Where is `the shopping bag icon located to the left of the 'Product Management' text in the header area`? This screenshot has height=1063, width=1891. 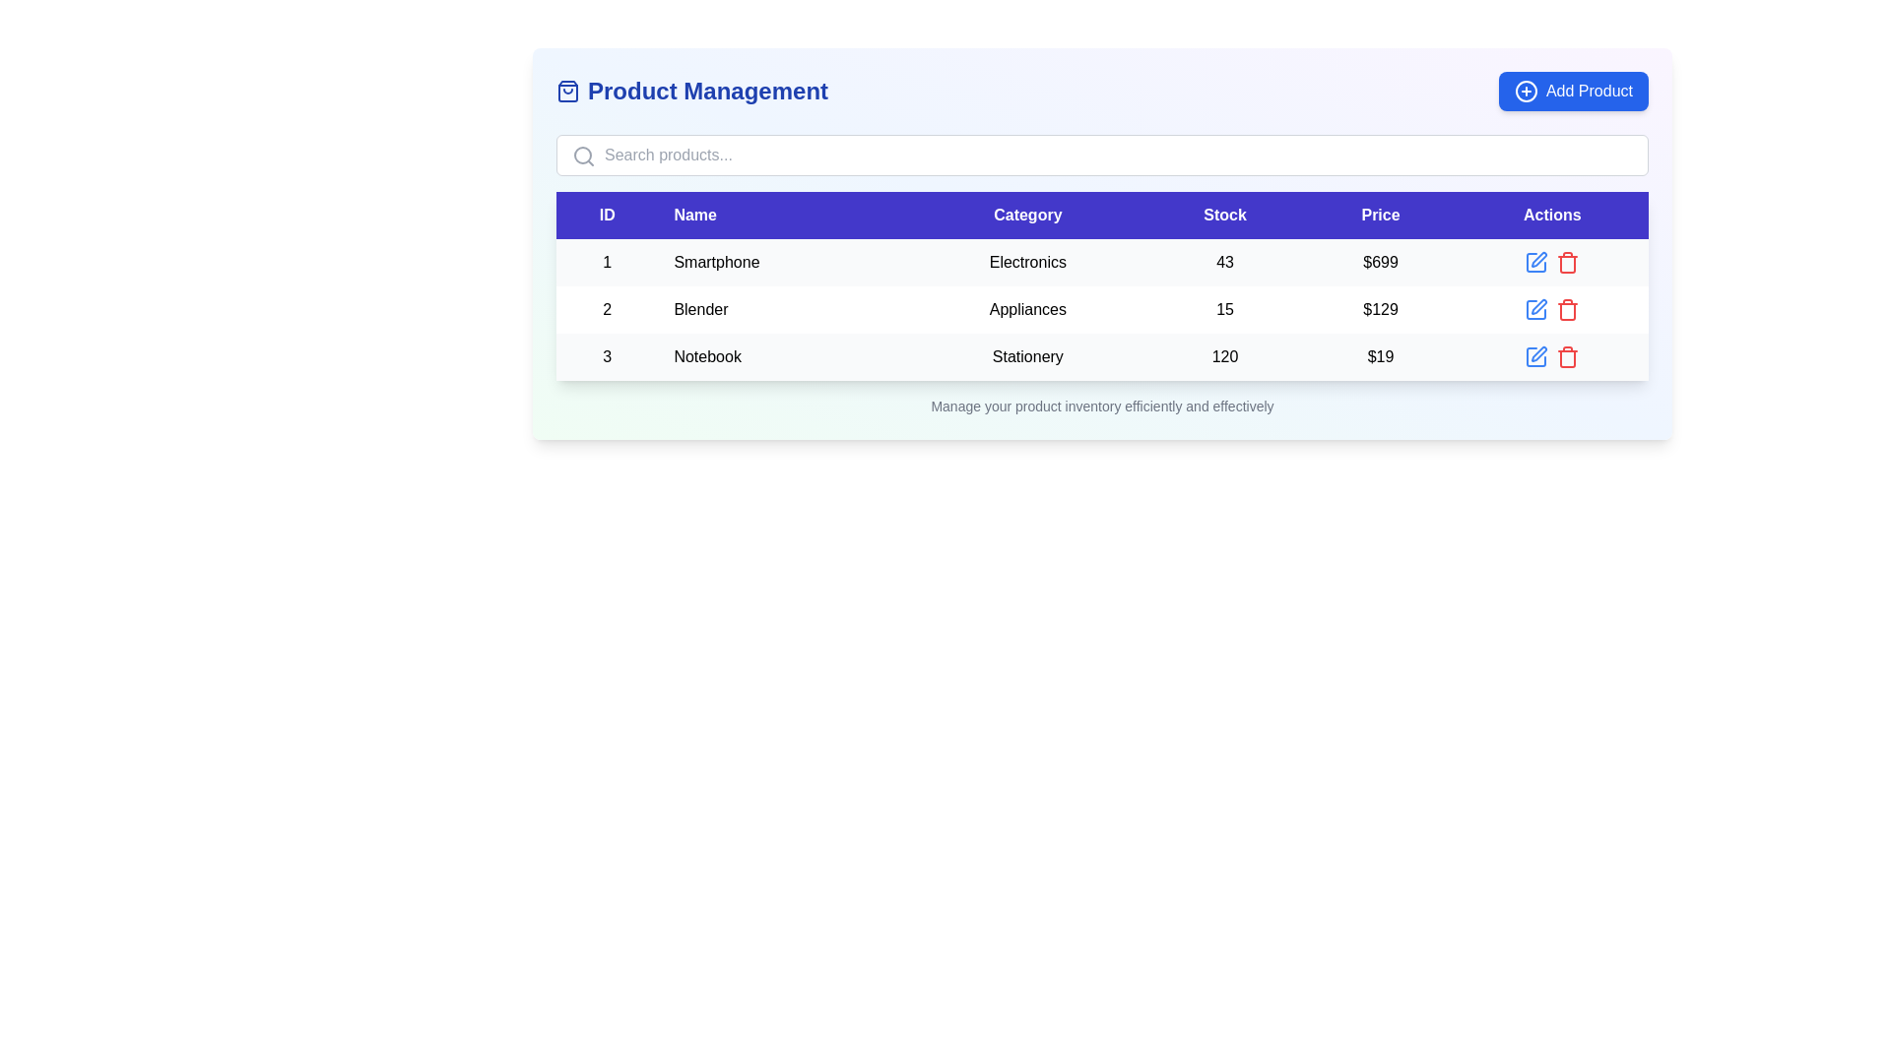 the shopping bag icon located to the left of the 'Product Management' text in the header area is located at coordinates (566, 91).